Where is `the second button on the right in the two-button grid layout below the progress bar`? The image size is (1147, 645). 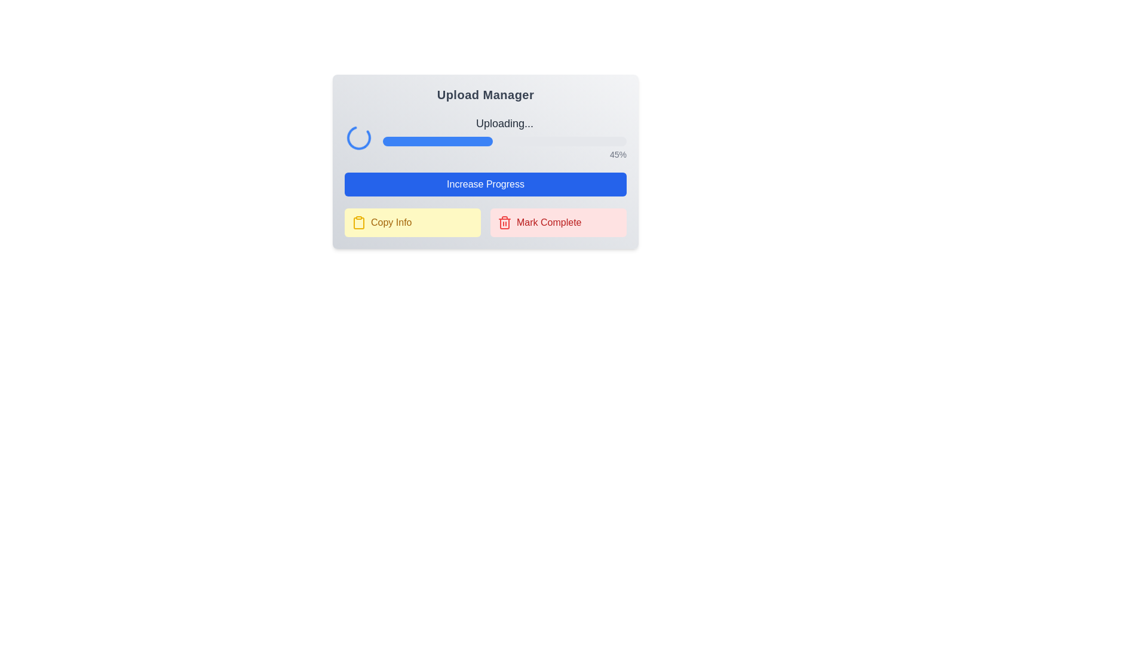
the second button on the right in the two-button grid layout below the progress bar is located at coordinates (558, 223).